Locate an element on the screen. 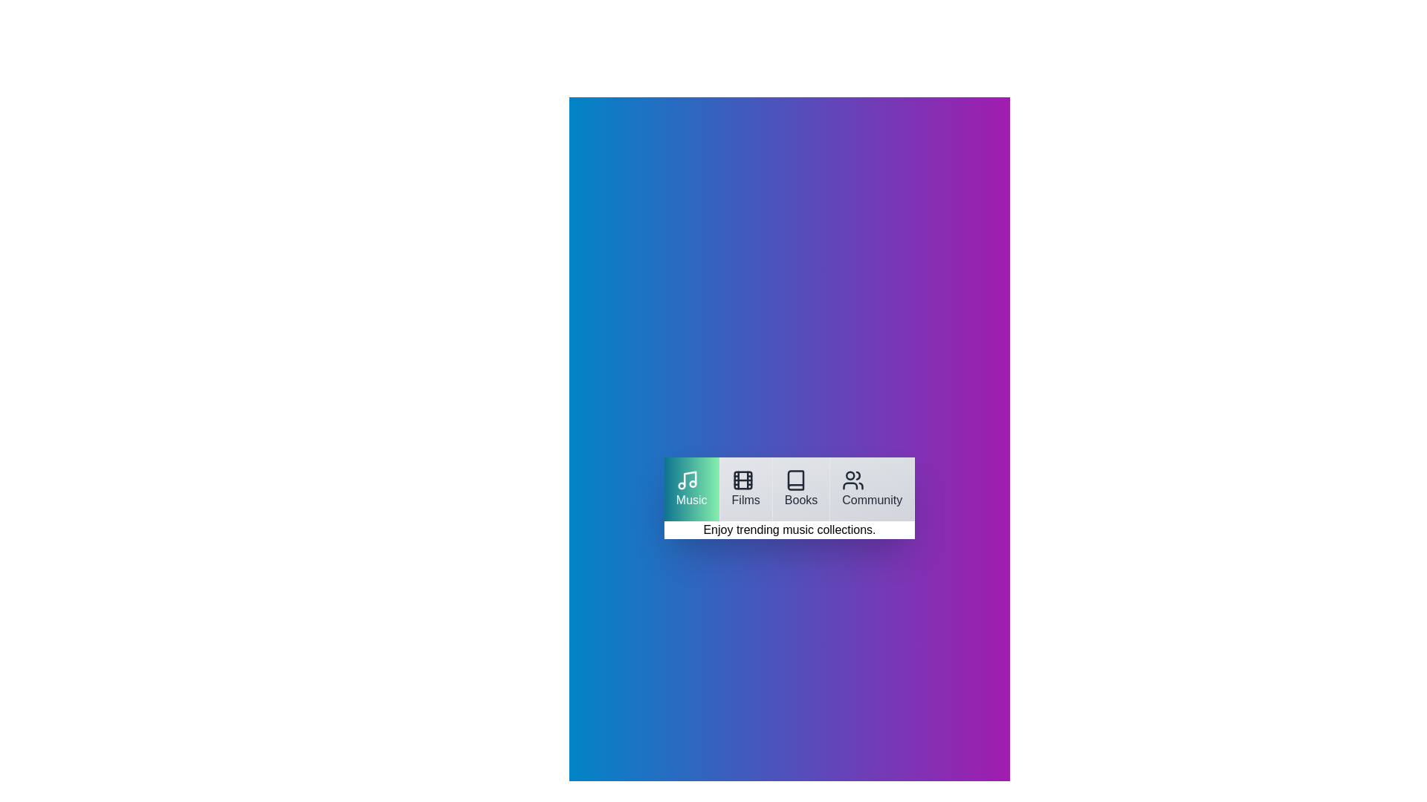 The image size is (1427, 802). the text label that says 'Enjoy trending music collections.' positioned directly below the horizontal navigation menu is located at coordinates (789, 529).